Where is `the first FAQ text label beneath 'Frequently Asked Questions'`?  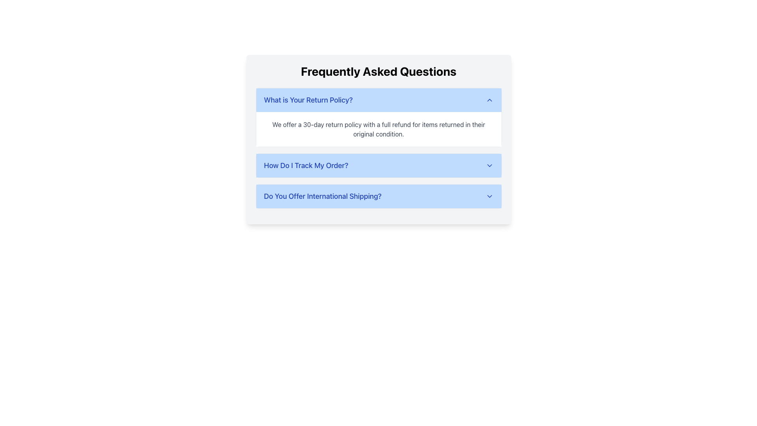 the first FAQ text label beneath 'Frequently Asked Questions' is located at coordinates (308, 100).